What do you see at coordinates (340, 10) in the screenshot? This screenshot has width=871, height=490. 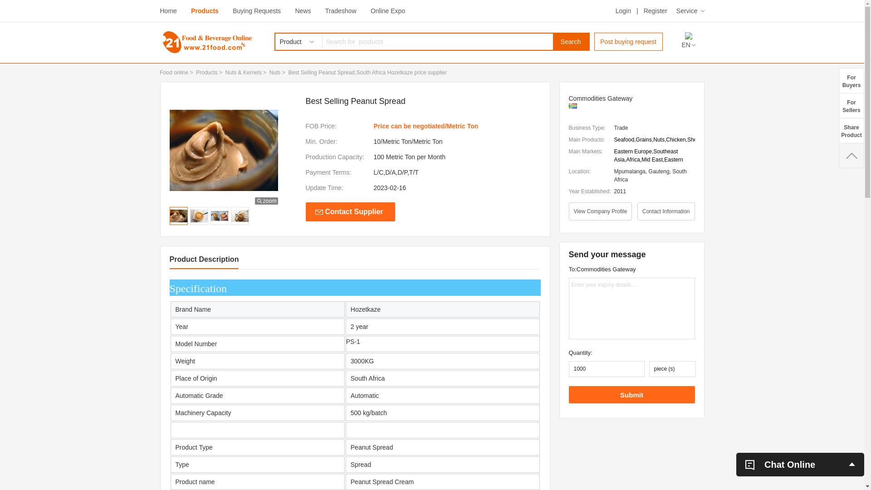 I see `'Tradeshow'` at bounding box center [340, 10].